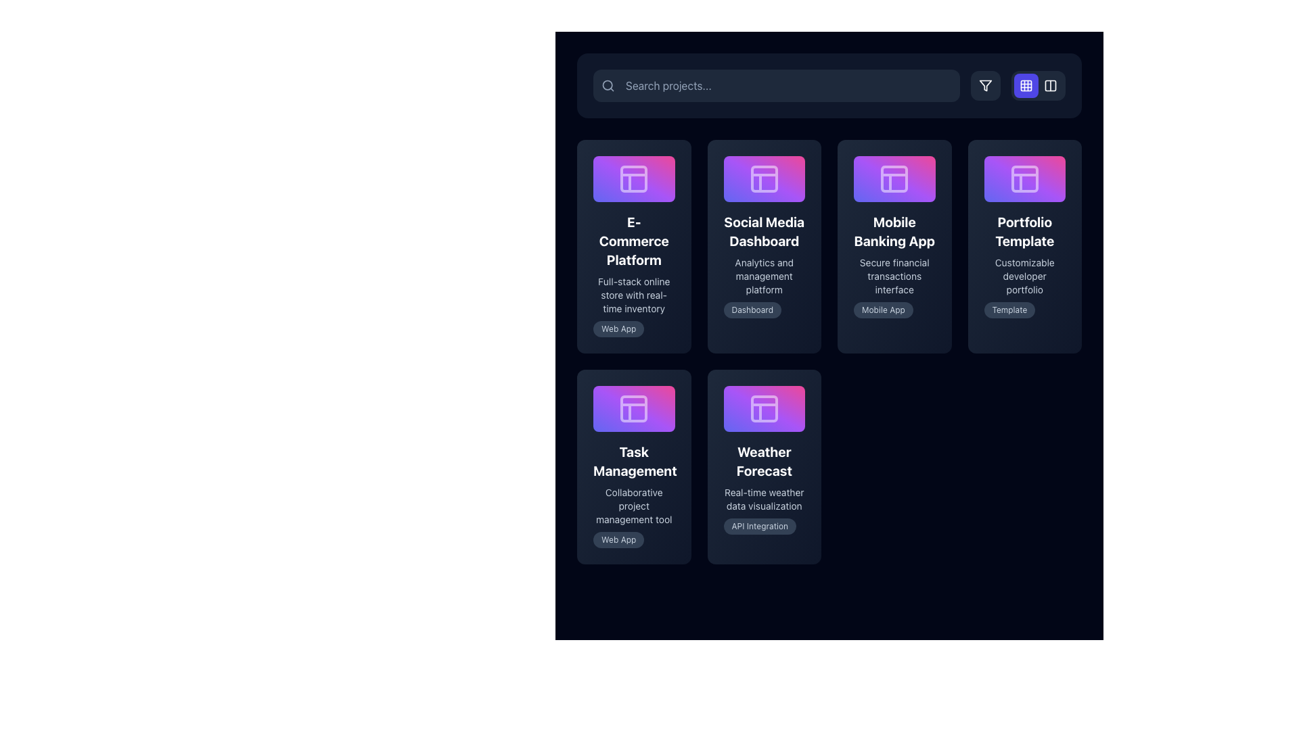 This screenshot has height=730, width=1299. I want to click on and interpret the text displayed on the Label/chip component located below the 'Social Media Dashboard' title within the card layout, so click(764, 310).